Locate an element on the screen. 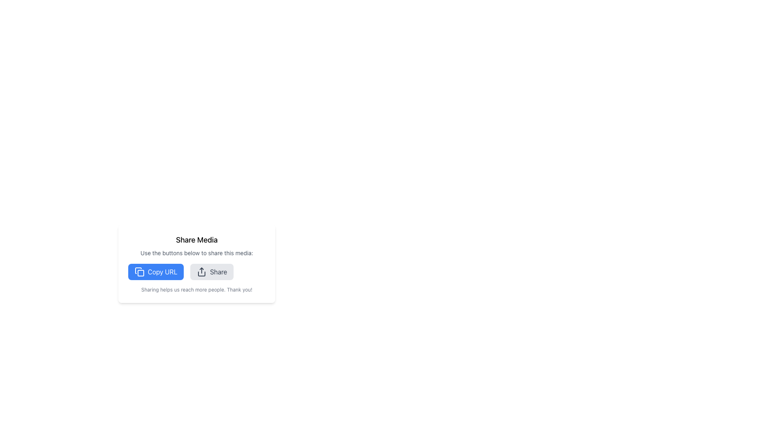 This screenshot has width=784, height=441. the 'Share' button, which is a rectangular button with rounded corners, soft gray background, and aligned text to the right of a share icon, located in the middle-right section of the interface is located at coordinates (212, 272).